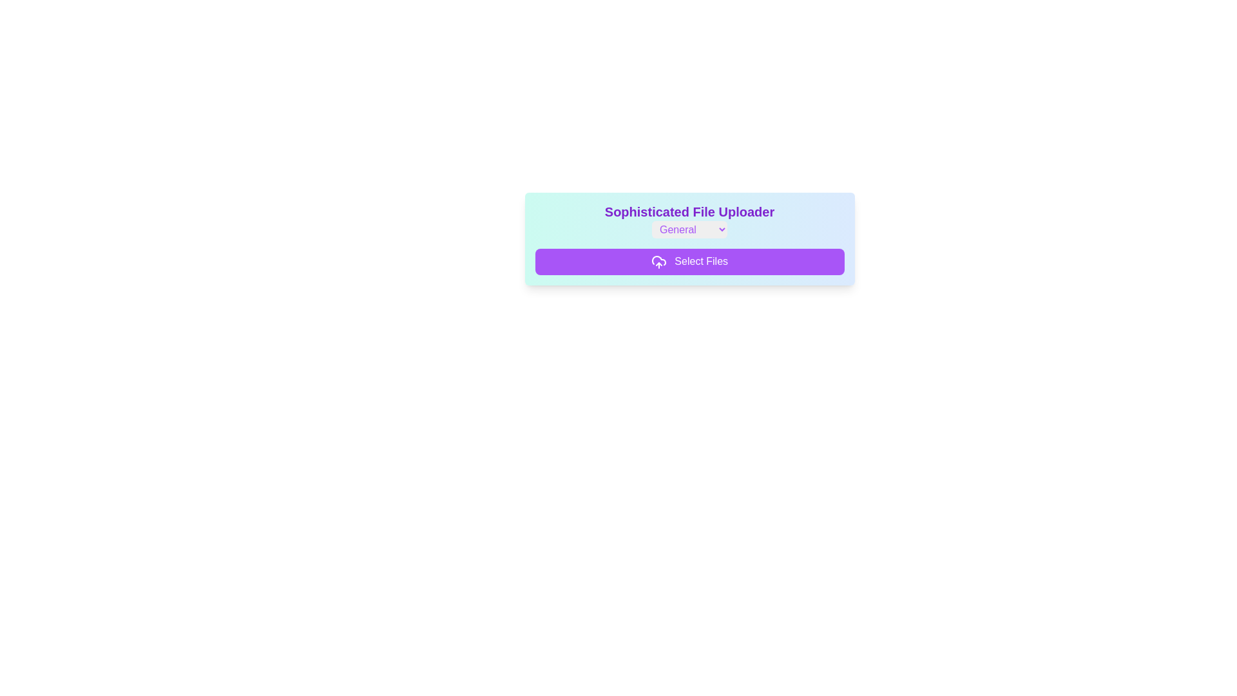  I want to click on the upload files icon located on the left half of the purple 'Select Files' button, so click(658, 261).